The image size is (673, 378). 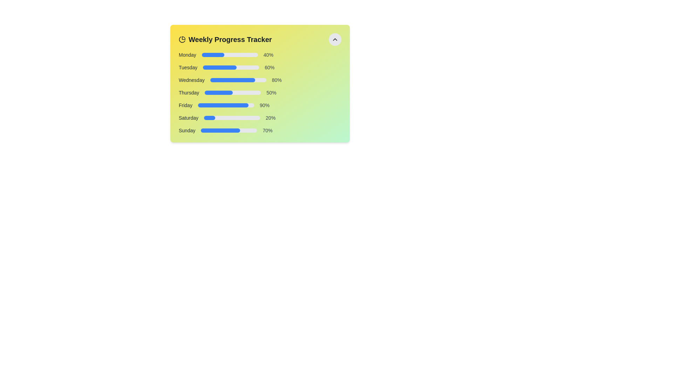 What do you see at coordinates (209, 117) in the screenshot?
I see `the blue progress segment indicating 20% progress for 'Saturday' in the Weekly Progress Tracker` at bounding box center [209, 117].